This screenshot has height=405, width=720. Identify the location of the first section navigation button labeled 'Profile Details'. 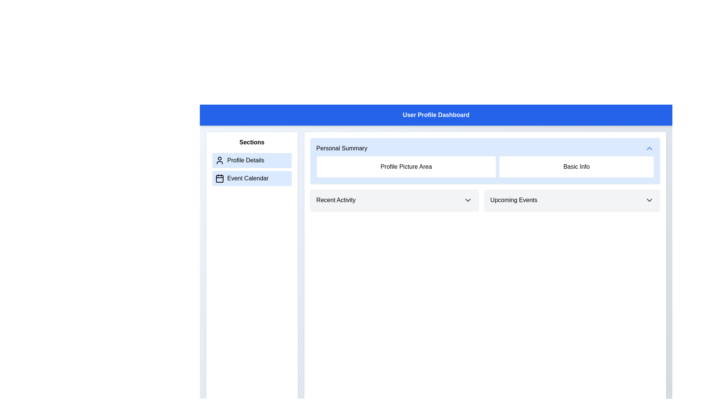
(252, 160).